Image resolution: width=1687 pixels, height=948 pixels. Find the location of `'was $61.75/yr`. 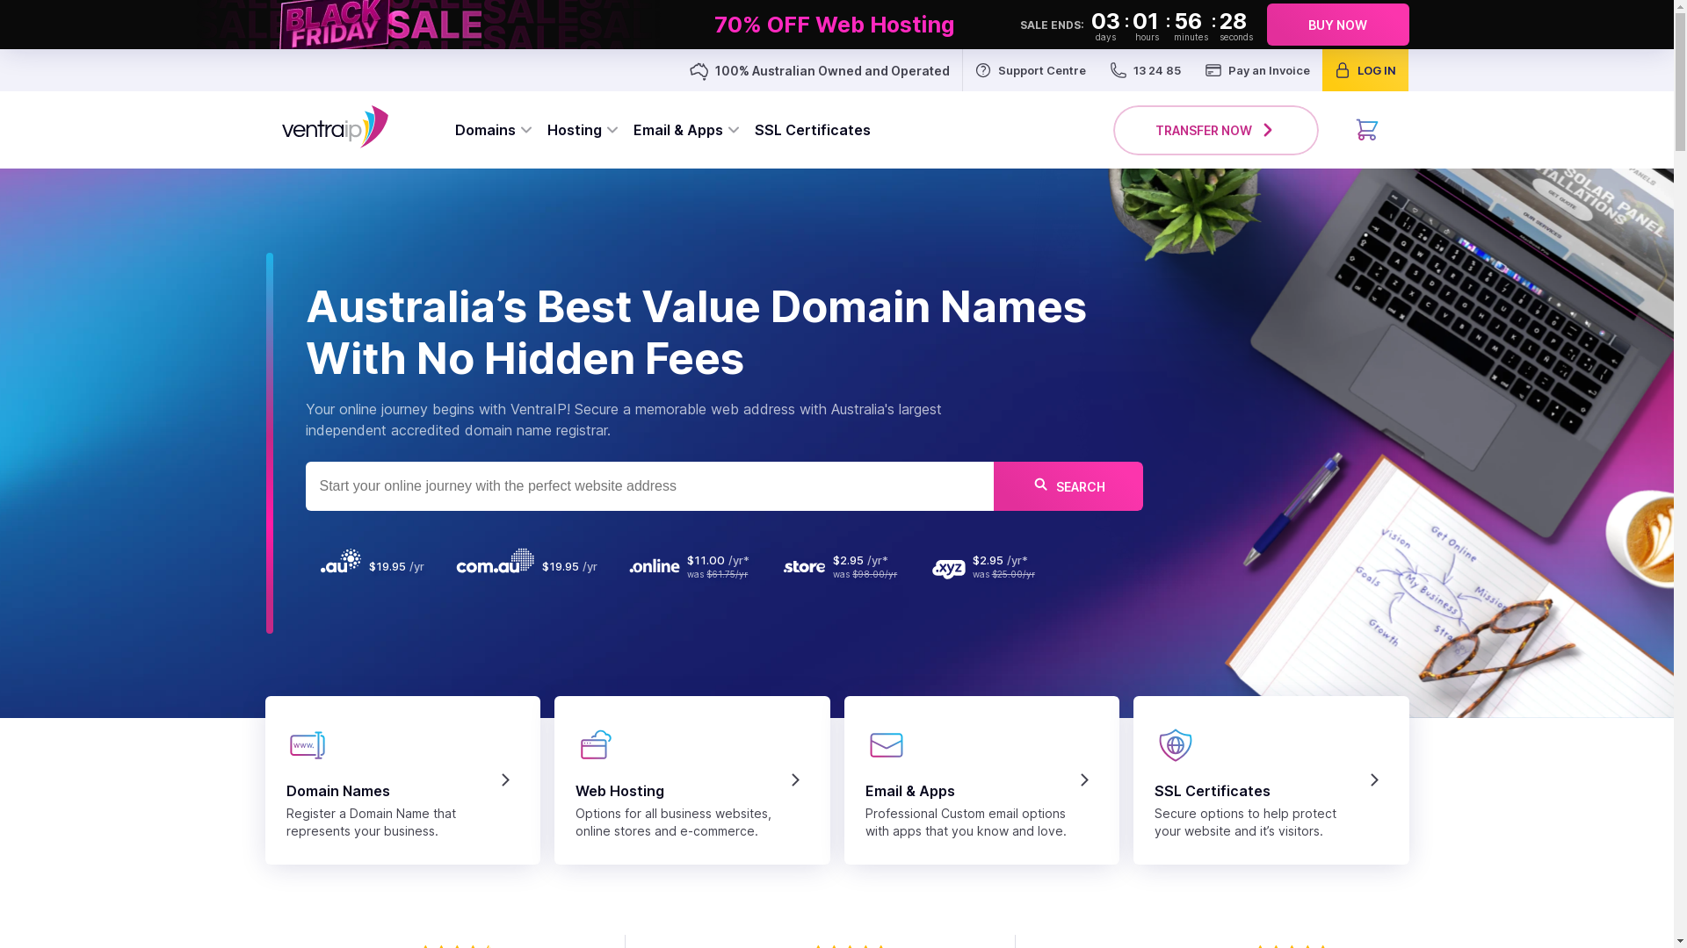

'was $61.75/yr is located at coordinates (691, 566).